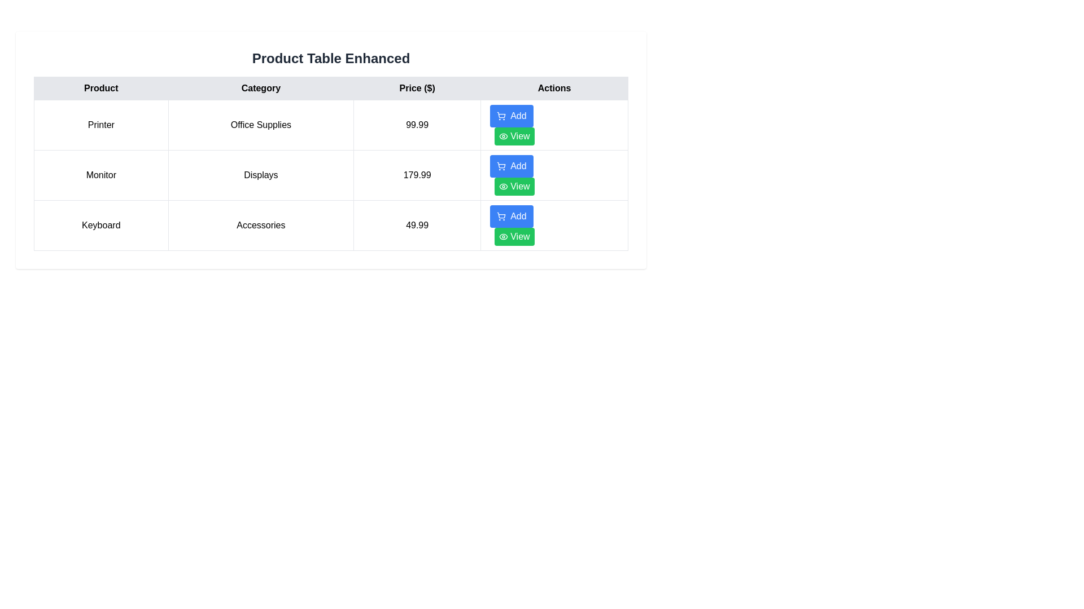  What do you see at coordinates (501, 215) in the screenshot?
I see `the decorative icon within the 'Add' button located in the third row of the 'Actions' column in the table` at bounding box center [501, 215].